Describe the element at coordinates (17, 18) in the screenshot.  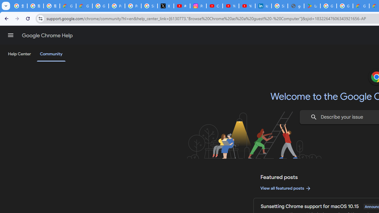
I see `'Forward'` at that location.